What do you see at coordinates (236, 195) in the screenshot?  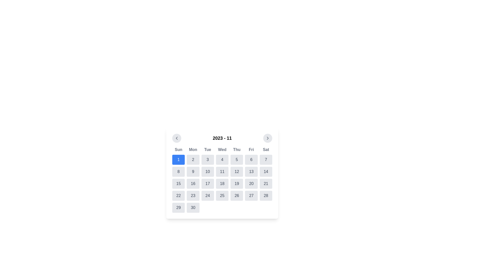 I see `the button displaying the number '26' in a medium-sized, rounded rectangle with a light gray background` at bounding box center [236, 195].